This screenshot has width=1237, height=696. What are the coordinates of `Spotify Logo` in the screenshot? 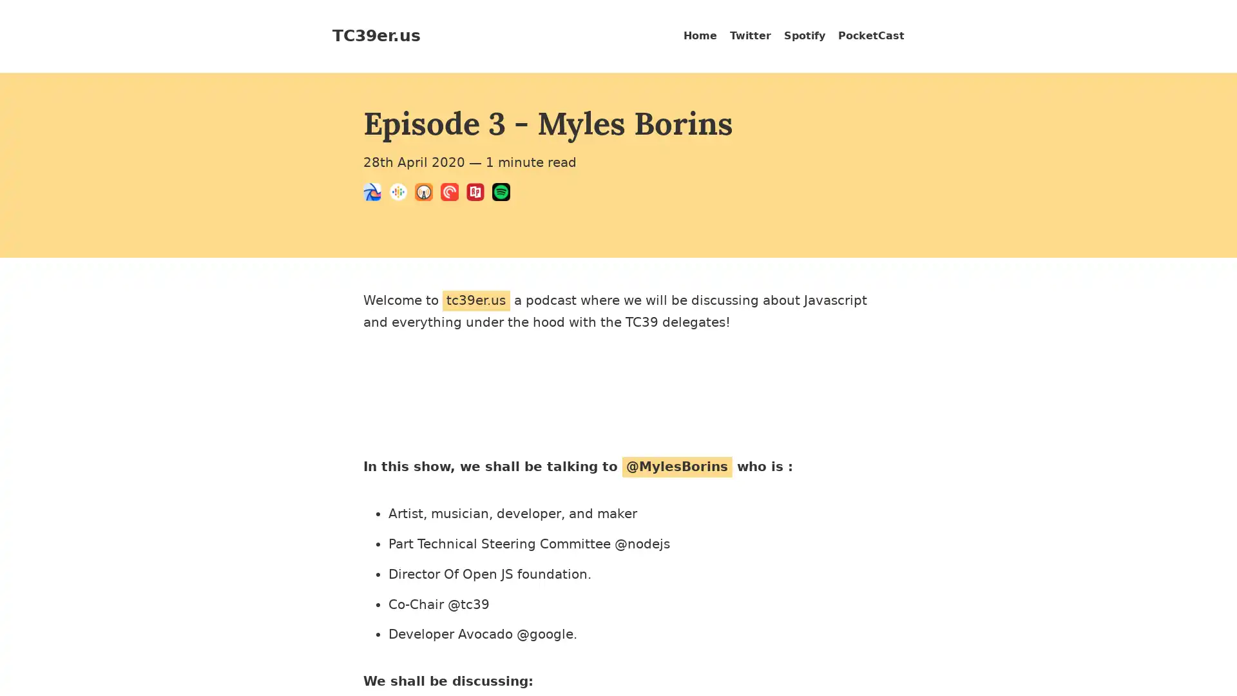 It's located at (504, 194).